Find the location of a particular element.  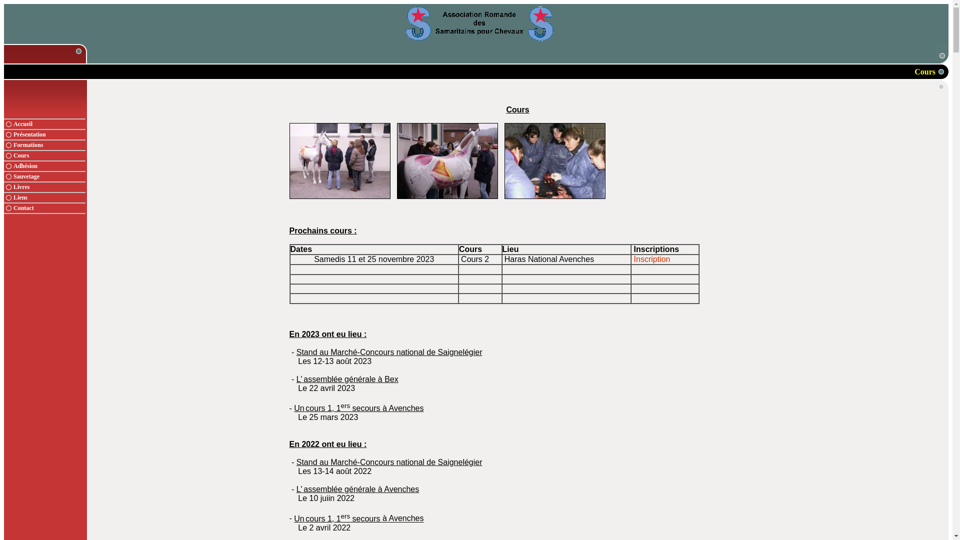

'Cours' is located at coordinates (49, 155).